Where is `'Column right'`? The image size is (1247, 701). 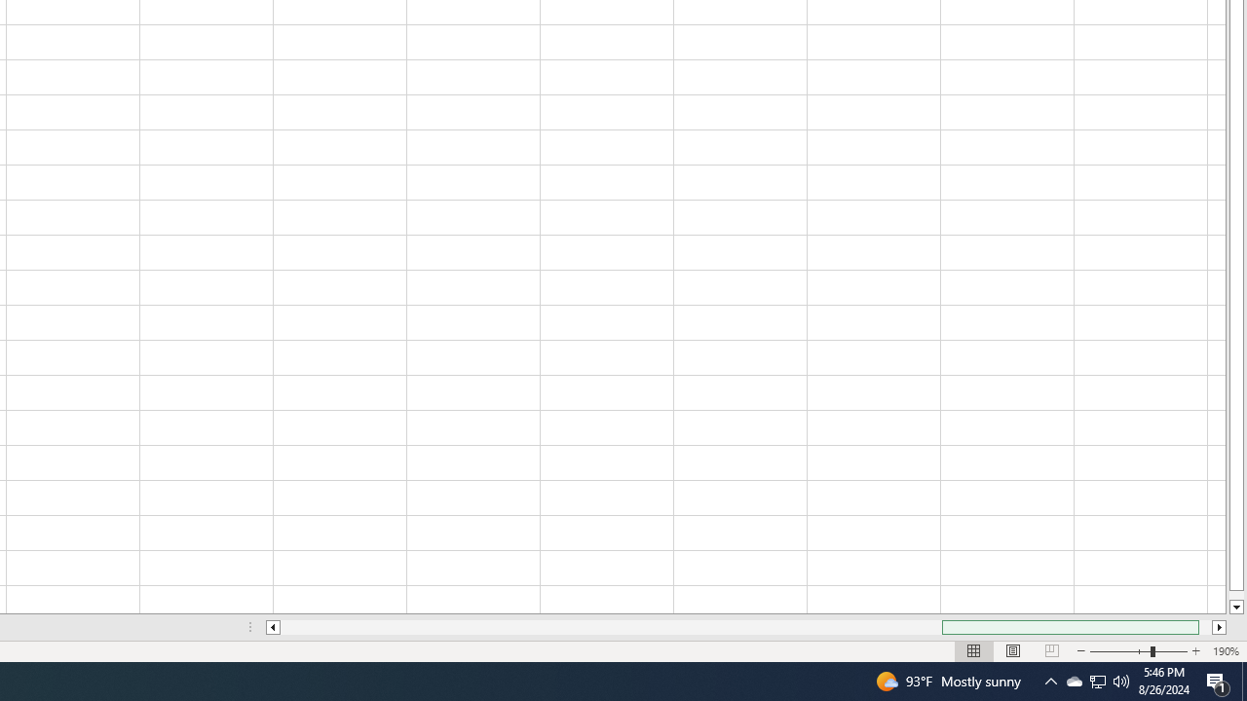
'Column right' is located at coordinates (1219, 627).